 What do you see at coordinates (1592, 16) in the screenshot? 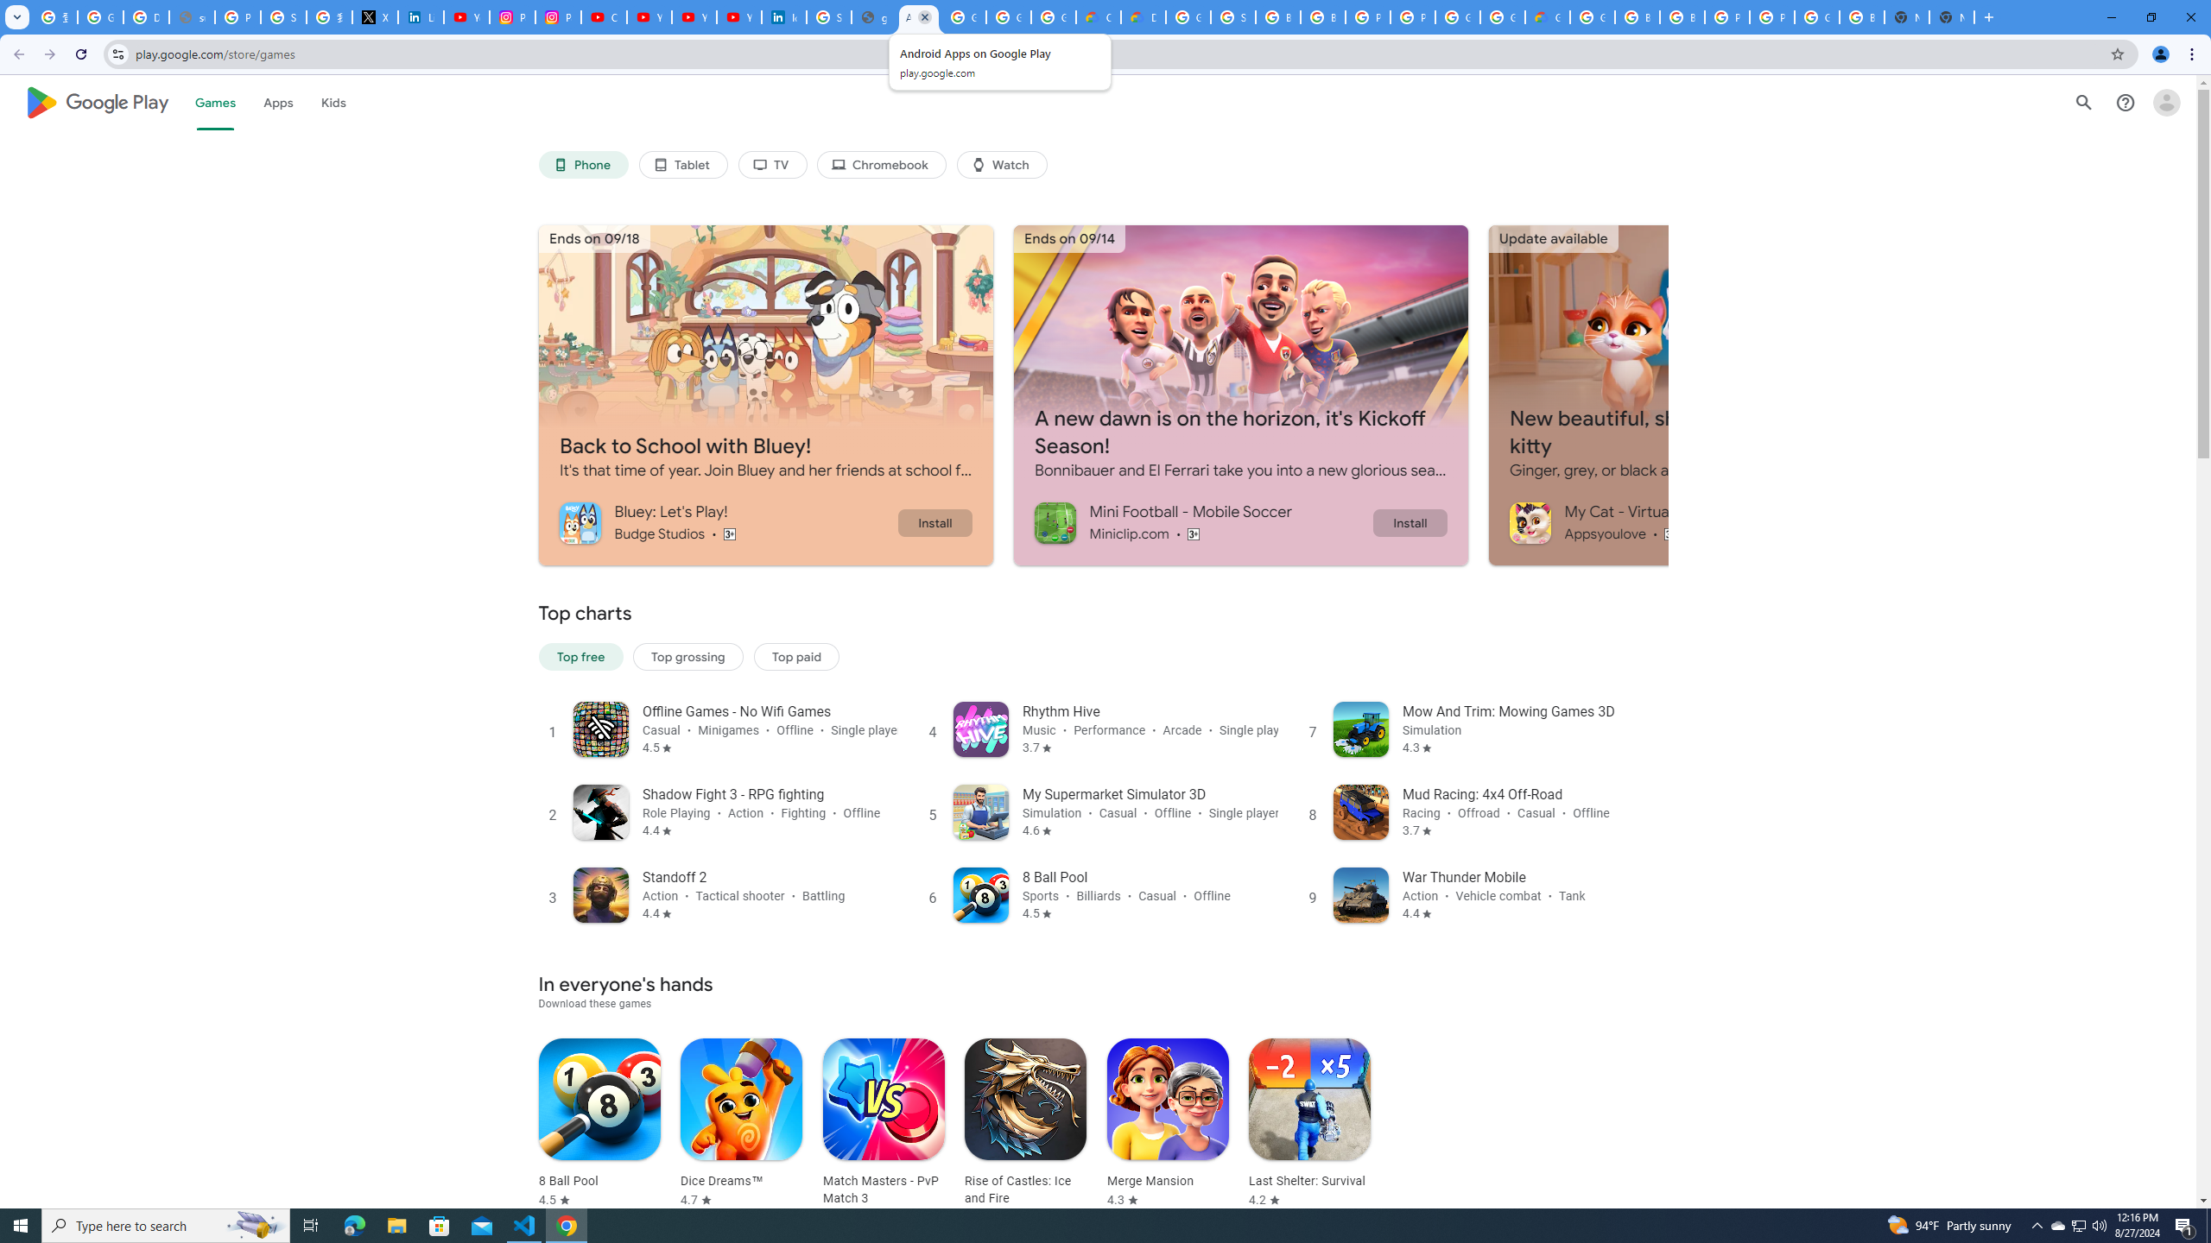
I see `'Google Cloud Platform'` at bounding box center [1592, 16].